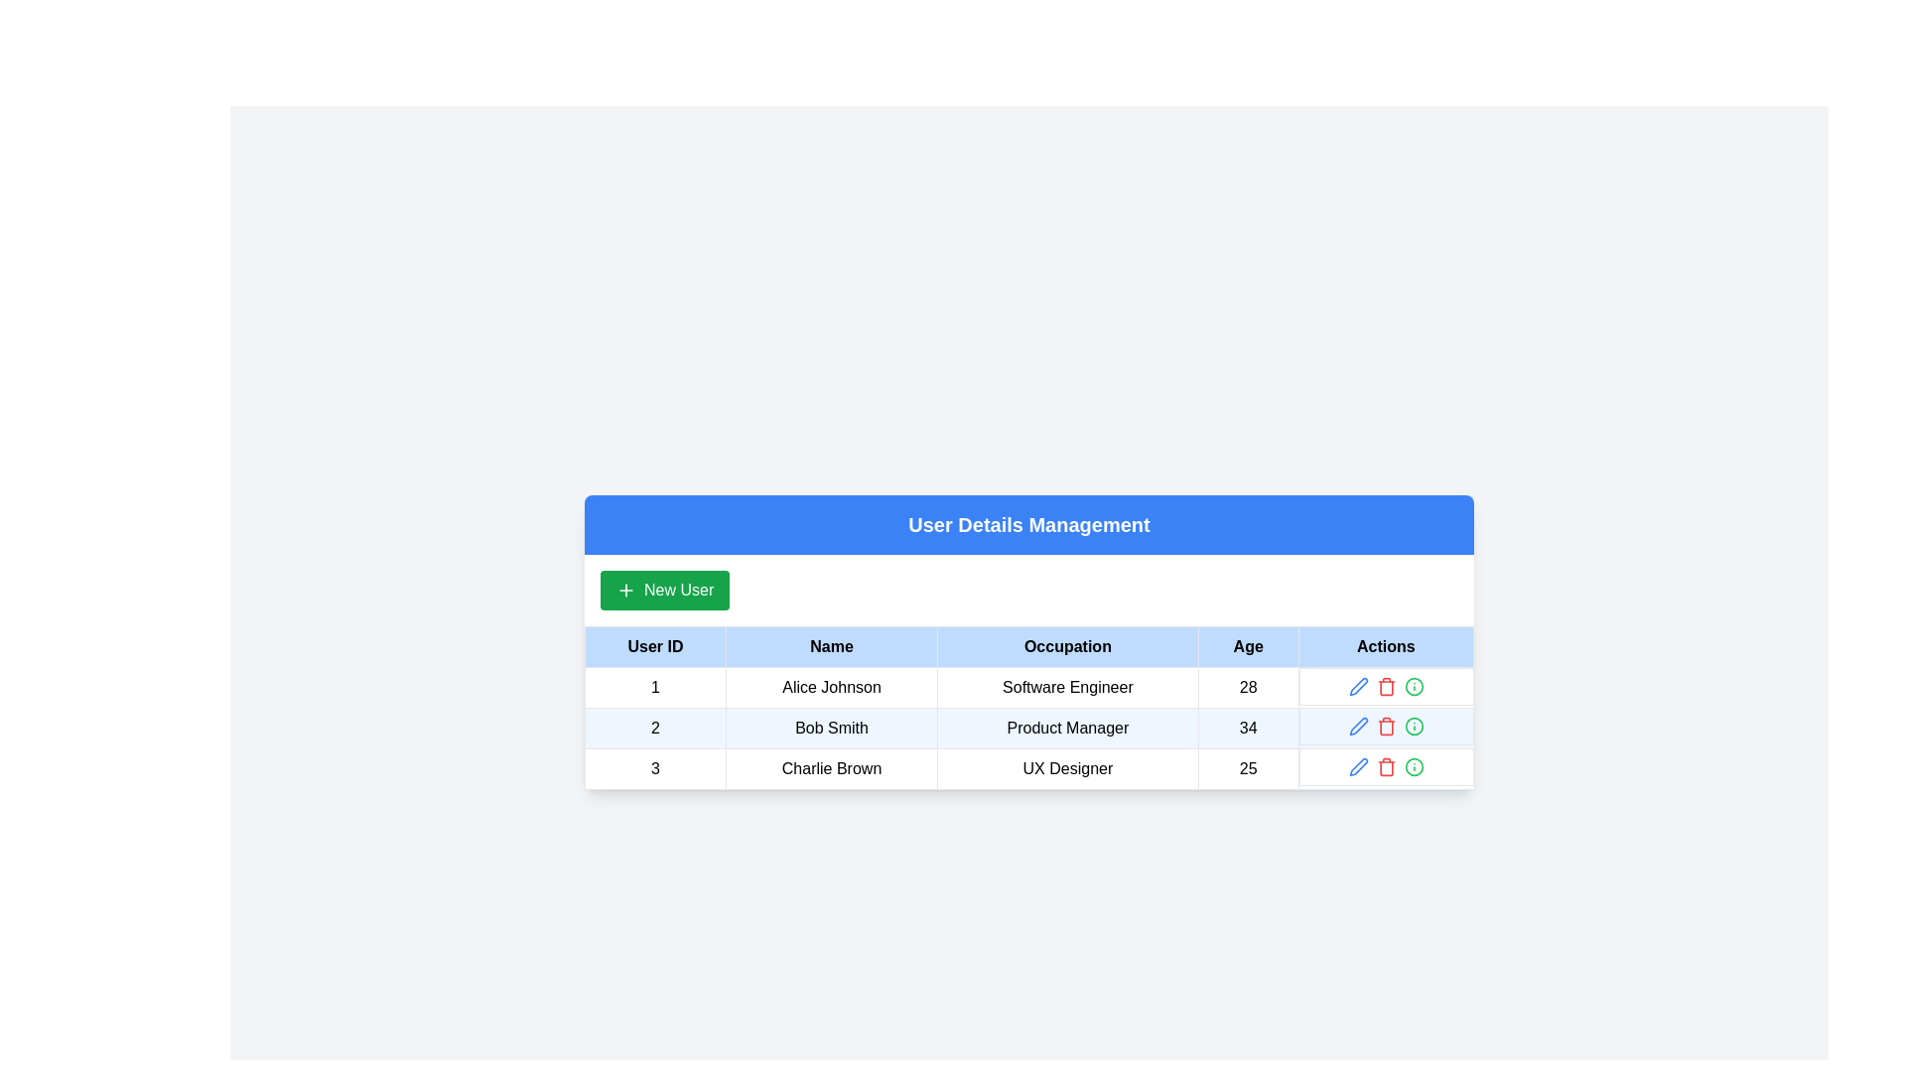 This screenshot has height=1072, width=1906. What do you see at coordinates (1385, 646) in the screenshot?
I see `the 'Actions' column header cell in the table, which is the fifth header from the left, located at the far-right of the table, next to the 'Age' column header` at bounding box center [1385, 646].